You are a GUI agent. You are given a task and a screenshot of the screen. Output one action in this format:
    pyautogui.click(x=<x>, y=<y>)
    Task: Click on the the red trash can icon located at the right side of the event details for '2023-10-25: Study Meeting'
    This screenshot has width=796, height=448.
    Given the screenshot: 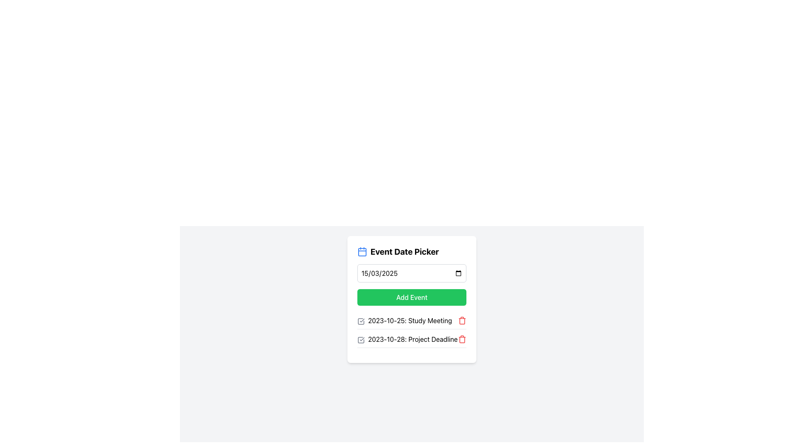 What is the action you would take?
    pyautogui.click(x=462, y=320)
    